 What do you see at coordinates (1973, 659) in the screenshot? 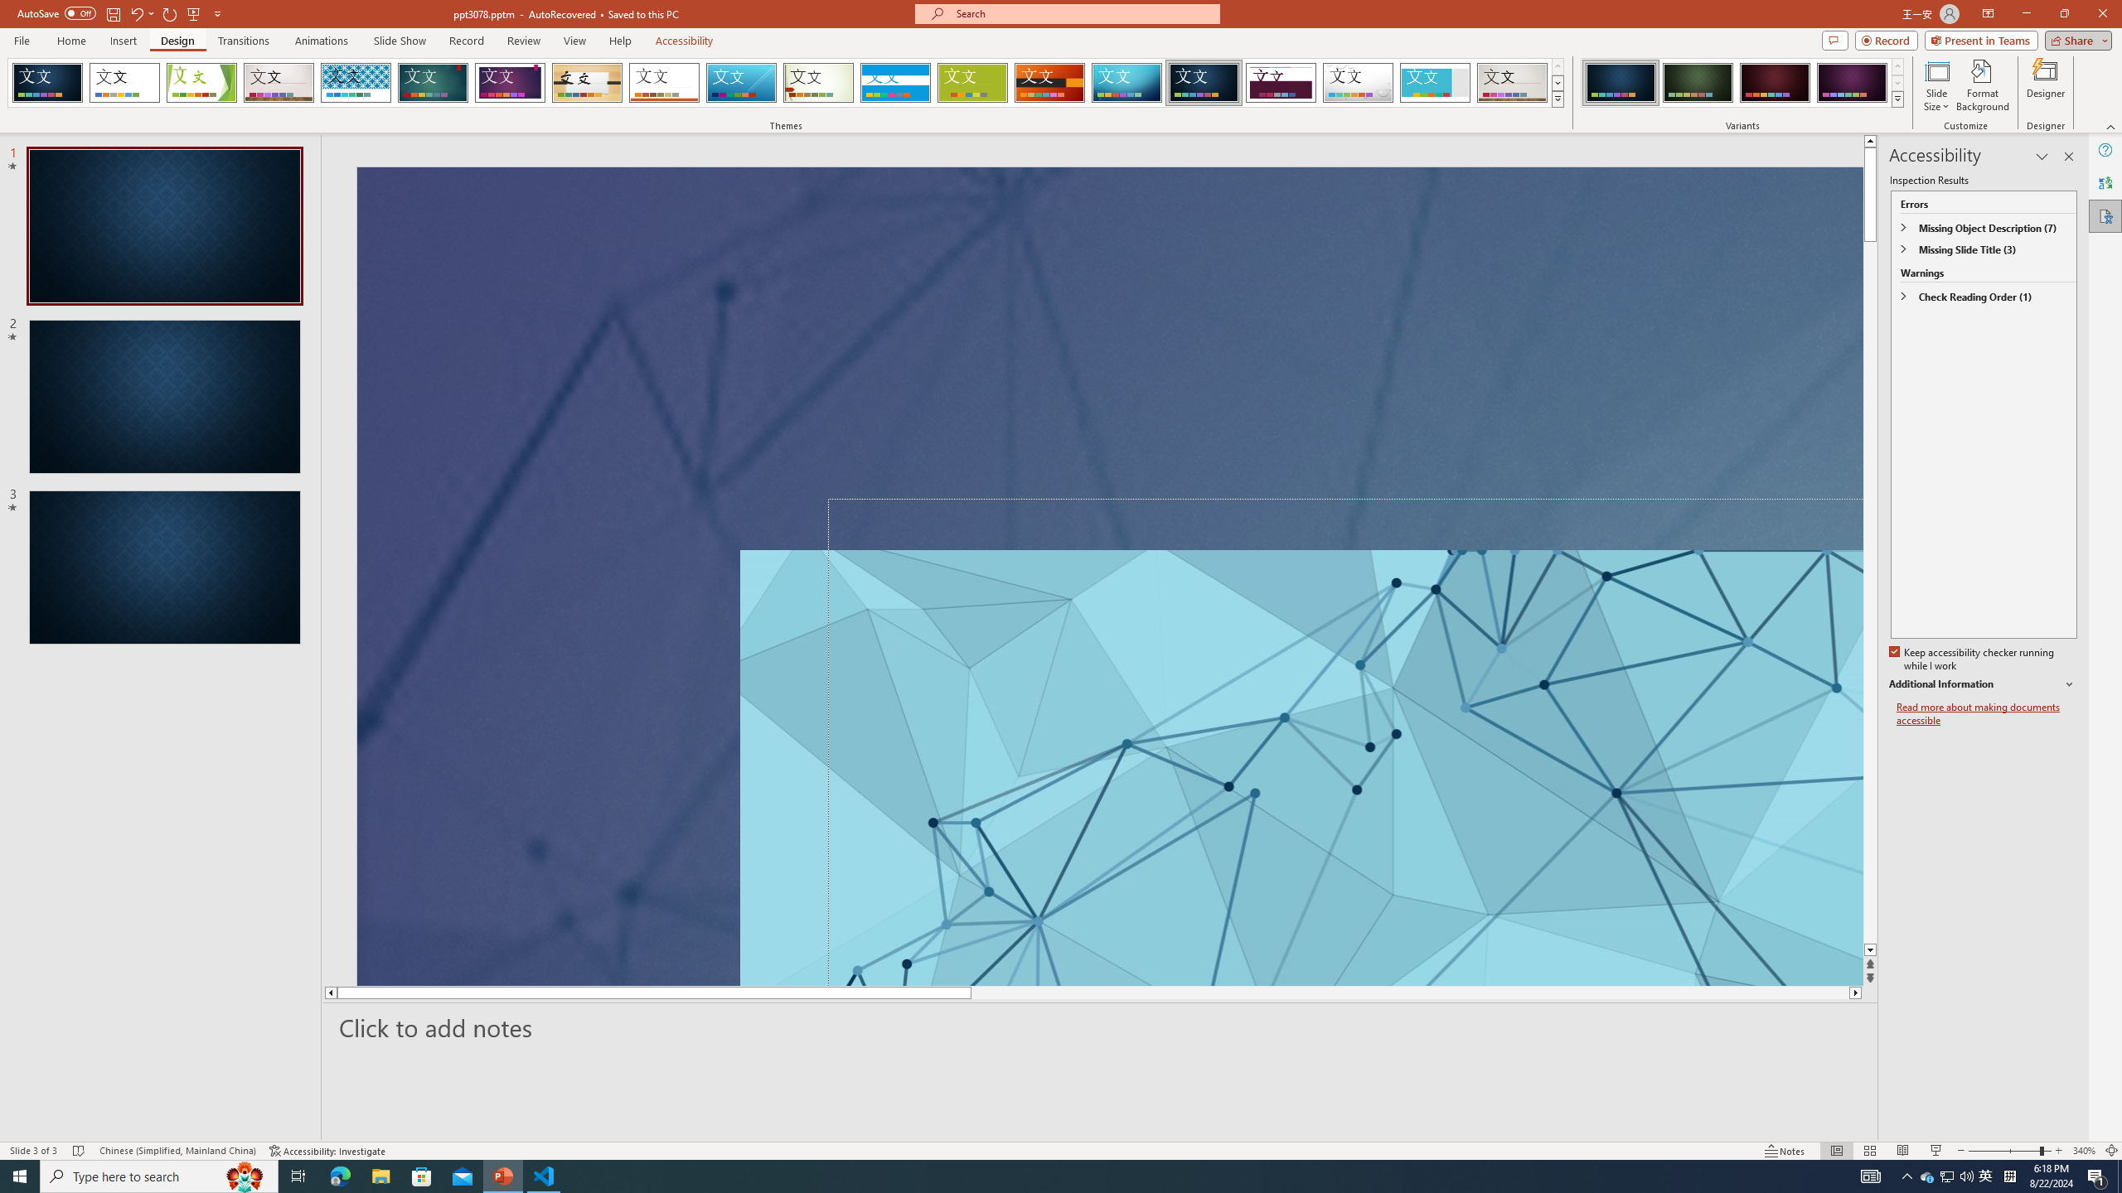
I see `'Keep accessibility checker running while I work'` at bounding box center [1973, 659].